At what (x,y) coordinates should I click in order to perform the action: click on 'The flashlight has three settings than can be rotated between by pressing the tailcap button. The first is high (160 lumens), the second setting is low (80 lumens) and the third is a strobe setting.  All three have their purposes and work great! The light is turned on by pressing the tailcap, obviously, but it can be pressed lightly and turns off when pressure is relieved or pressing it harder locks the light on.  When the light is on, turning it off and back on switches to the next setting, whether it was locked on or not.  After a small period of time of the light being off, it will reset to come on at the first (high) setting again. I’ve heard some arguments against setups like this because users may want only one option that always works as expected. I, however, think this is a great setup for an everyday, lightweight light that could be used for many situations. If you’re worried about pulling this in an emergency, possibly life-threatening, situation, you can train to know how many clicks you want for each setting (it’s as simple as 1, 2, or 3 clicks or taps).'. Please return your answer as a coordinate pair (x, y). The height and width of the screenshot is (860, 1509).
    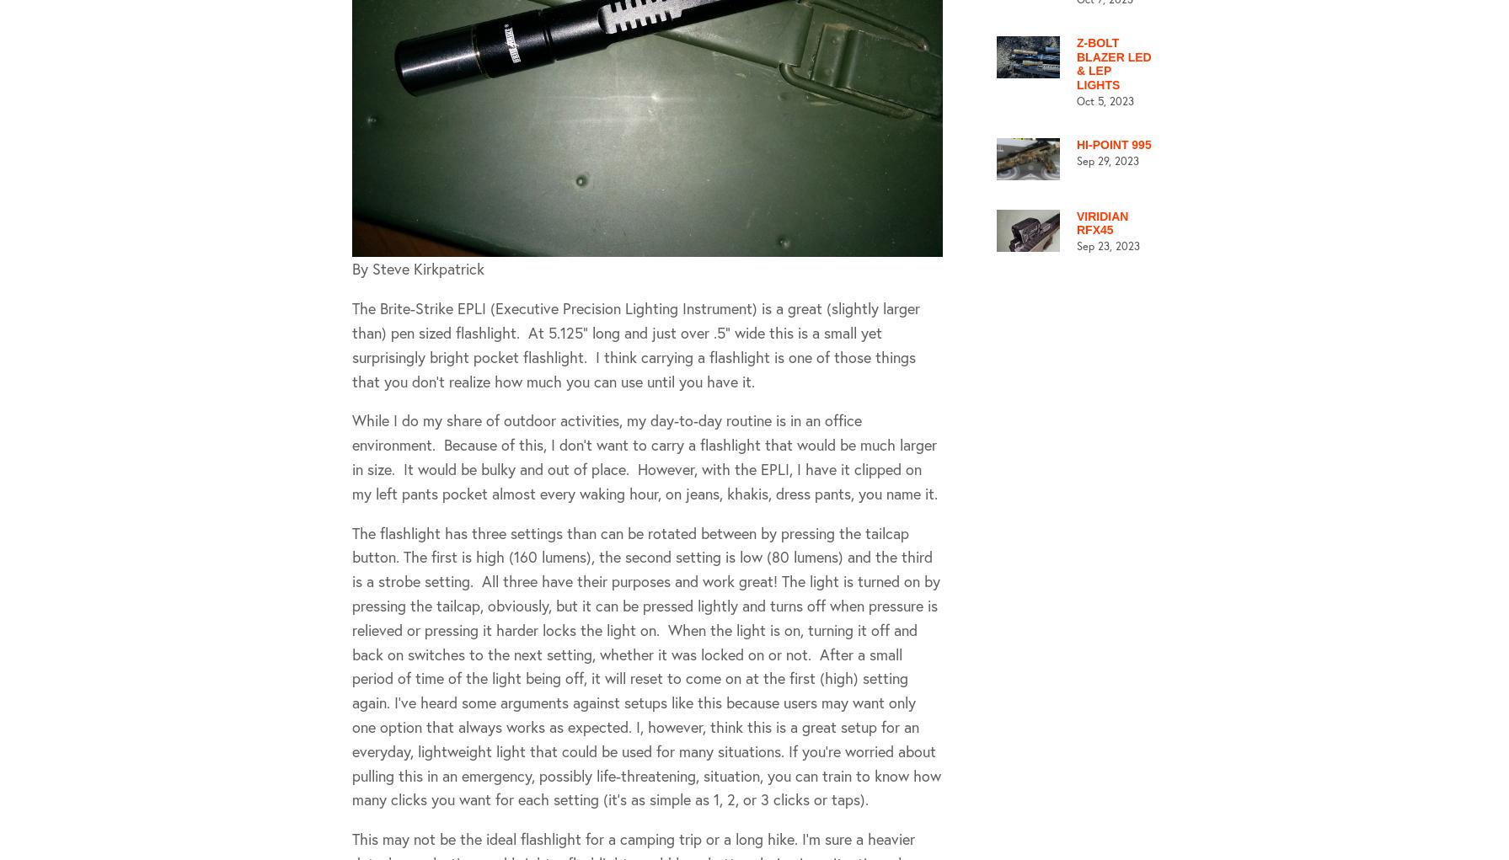
    Looking at the image, I should click on (645, 665).